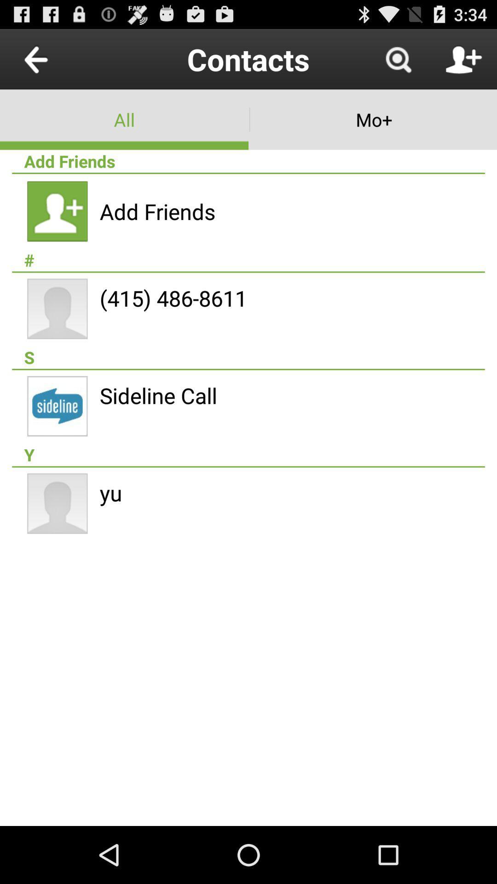 This screenshot has width=497, height=884. I want to click on app above the add friends, so click(124, 119).